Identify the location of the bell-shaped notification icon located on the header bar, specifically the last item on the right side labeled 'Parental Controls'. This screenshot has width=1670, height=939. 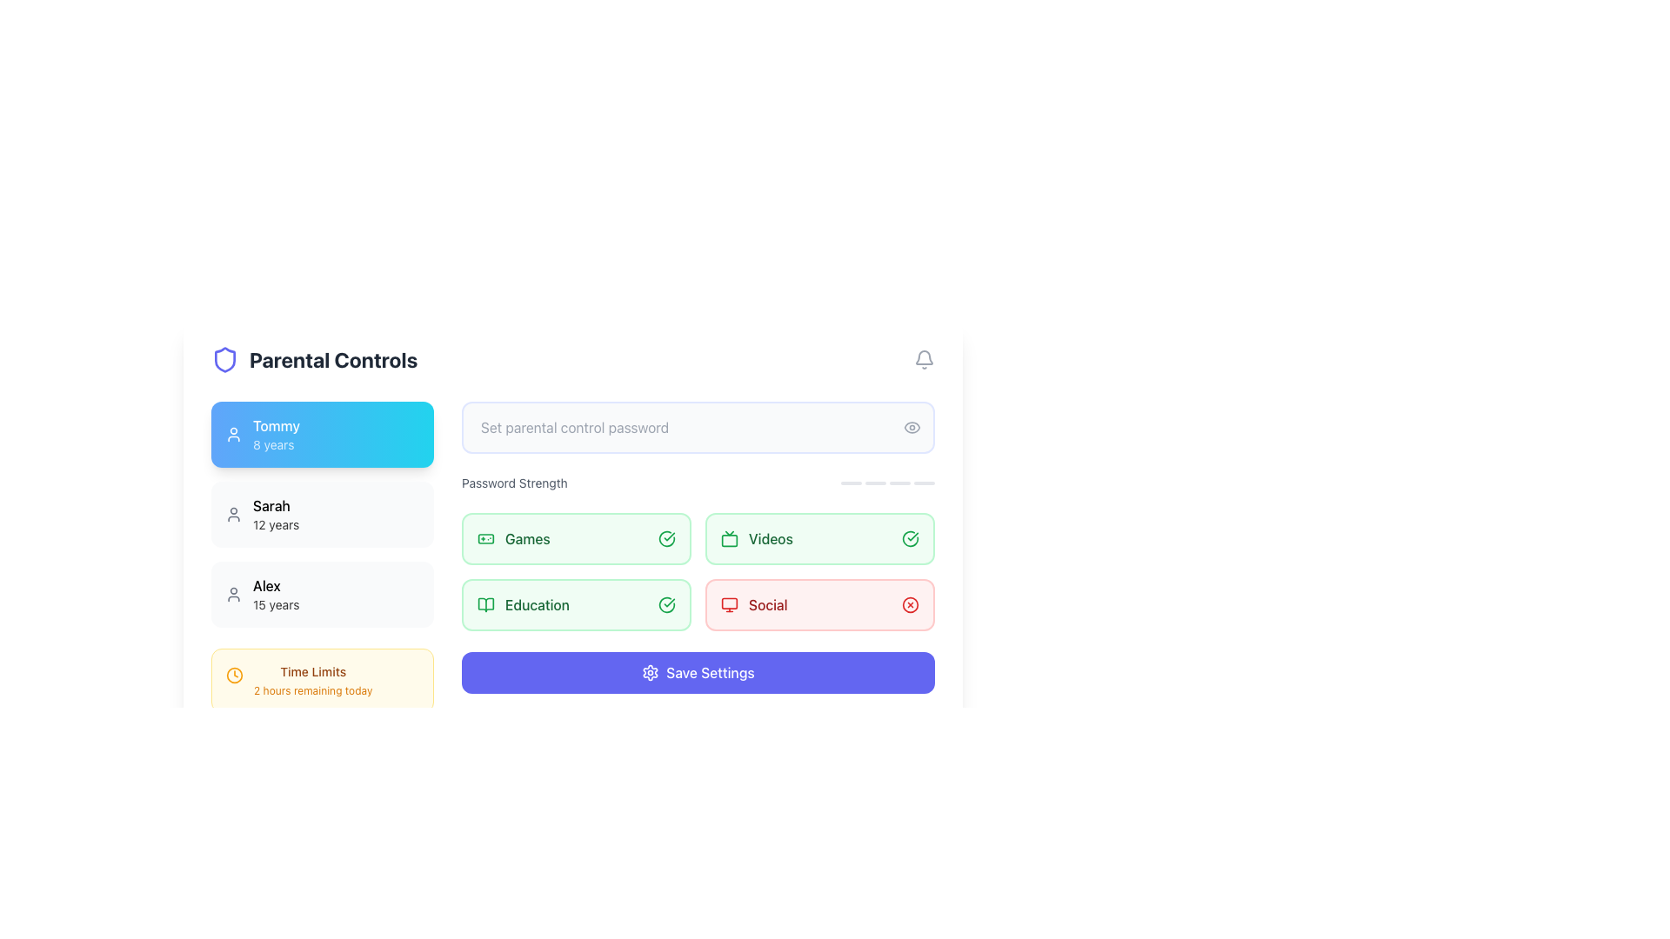
(923, 358).